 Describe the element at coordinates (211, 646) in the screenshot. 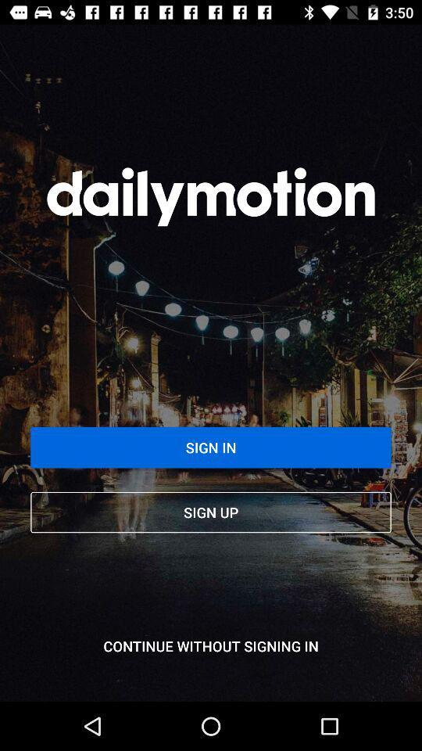

I see `icon below sign up` at that location.